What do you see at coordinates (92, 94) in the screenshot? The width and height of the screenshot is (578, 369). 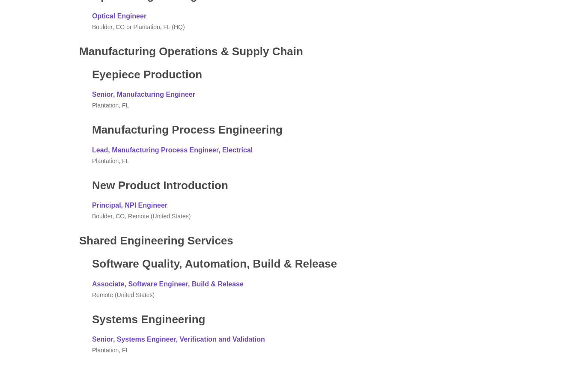 I see `'Senior, Manufacturing Engineer'` at bounding box center [92, 94].